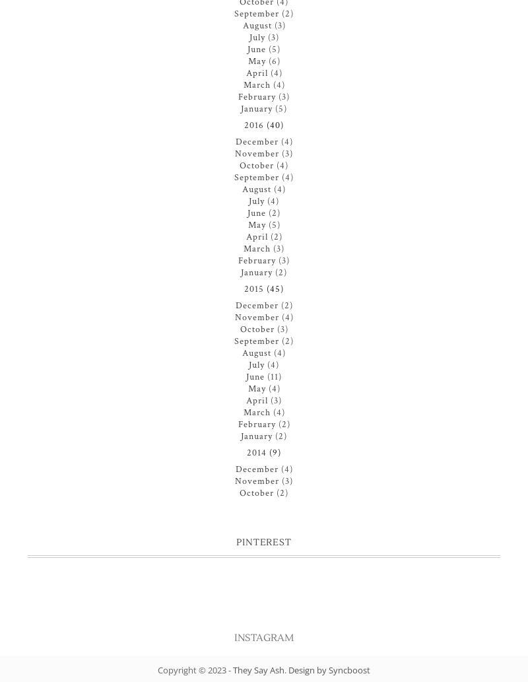 This screenshot has height=682, width=528. What do you see at coordinates (263, 542) in the screenshot?
I see `'Pinterest'` at bounding box center [263, 542].